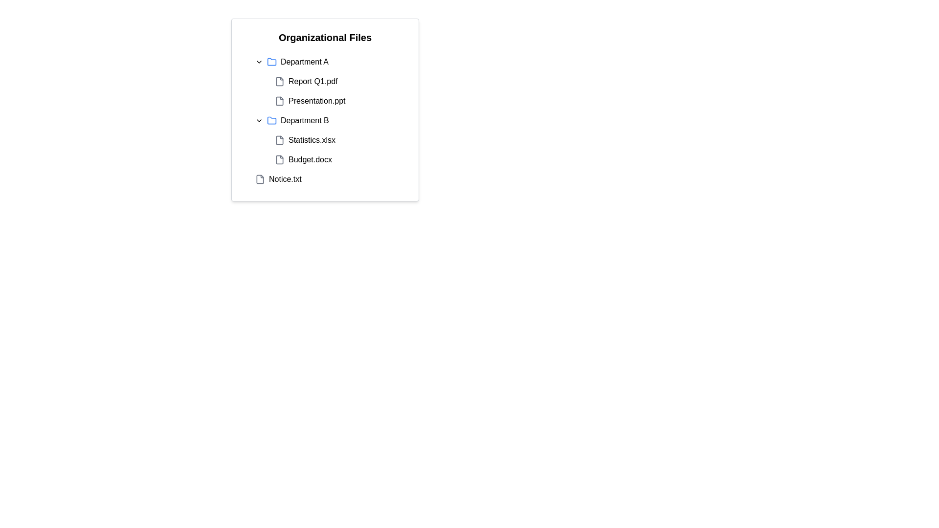  I want to click on the clickable text label 'Notice.txt' with the associated document icon, so click(278, 179).